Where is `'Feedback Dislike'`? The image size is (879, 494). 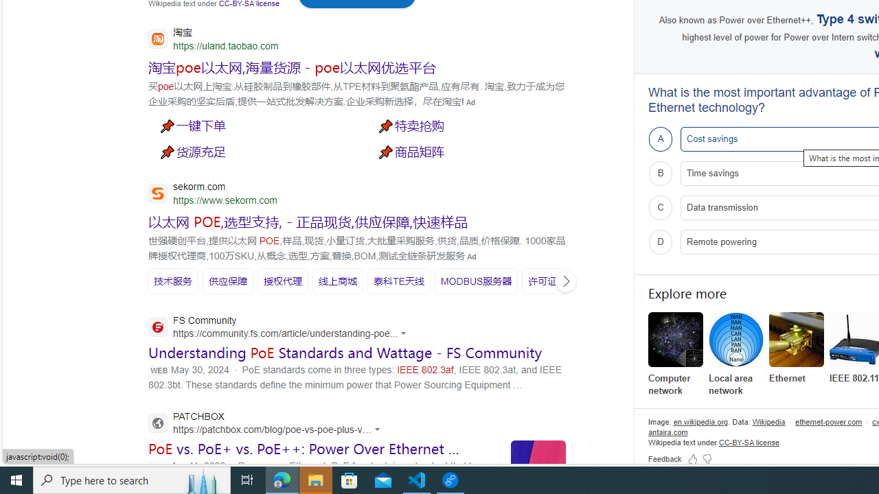 'Feedback Dislike' is located at coordinates (707, 458).